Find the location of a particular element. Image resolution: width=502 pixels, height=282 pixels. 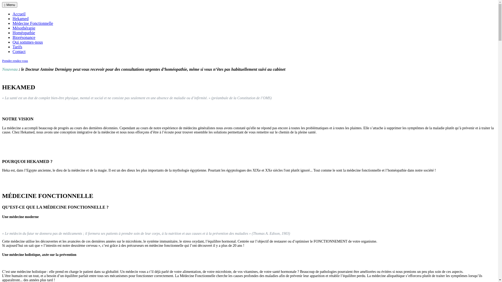

'Qui sommes-nous' is located at coordinates (27, 42).